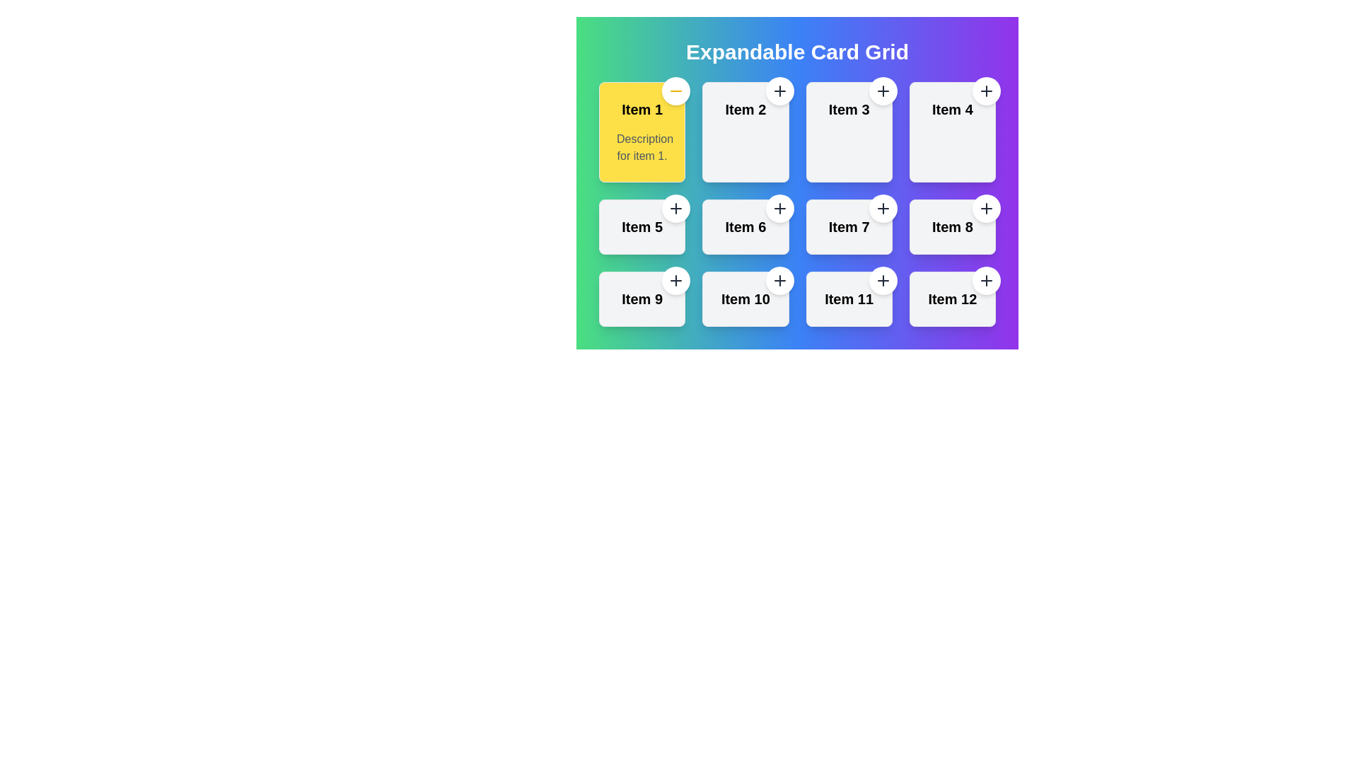 Image resolution: width=1358 pixels, height=764 pixels. What do you see at coordinates (952, 226) in the screenshot?
I see `the bold text label reading 'Item 8' located on a white card in the second row, fourth column of the grid layout to trigger the tooltip or hover effect` at bounding box center [952, 226].